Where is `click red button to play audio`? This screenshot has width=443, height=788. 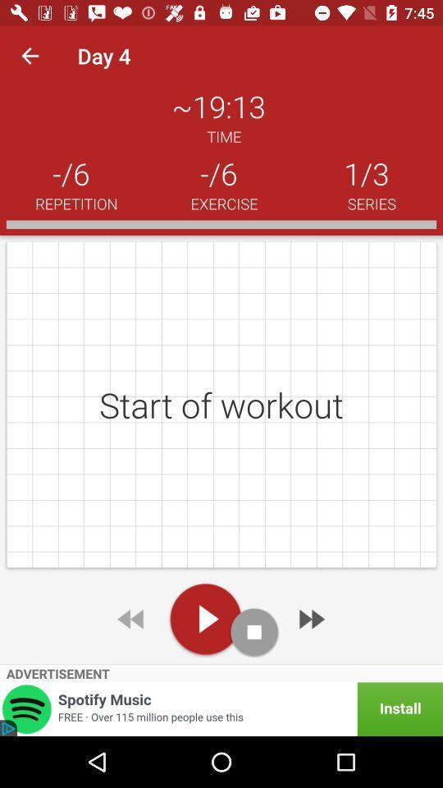
click red button to play audio is located at coordinates (205, 618).